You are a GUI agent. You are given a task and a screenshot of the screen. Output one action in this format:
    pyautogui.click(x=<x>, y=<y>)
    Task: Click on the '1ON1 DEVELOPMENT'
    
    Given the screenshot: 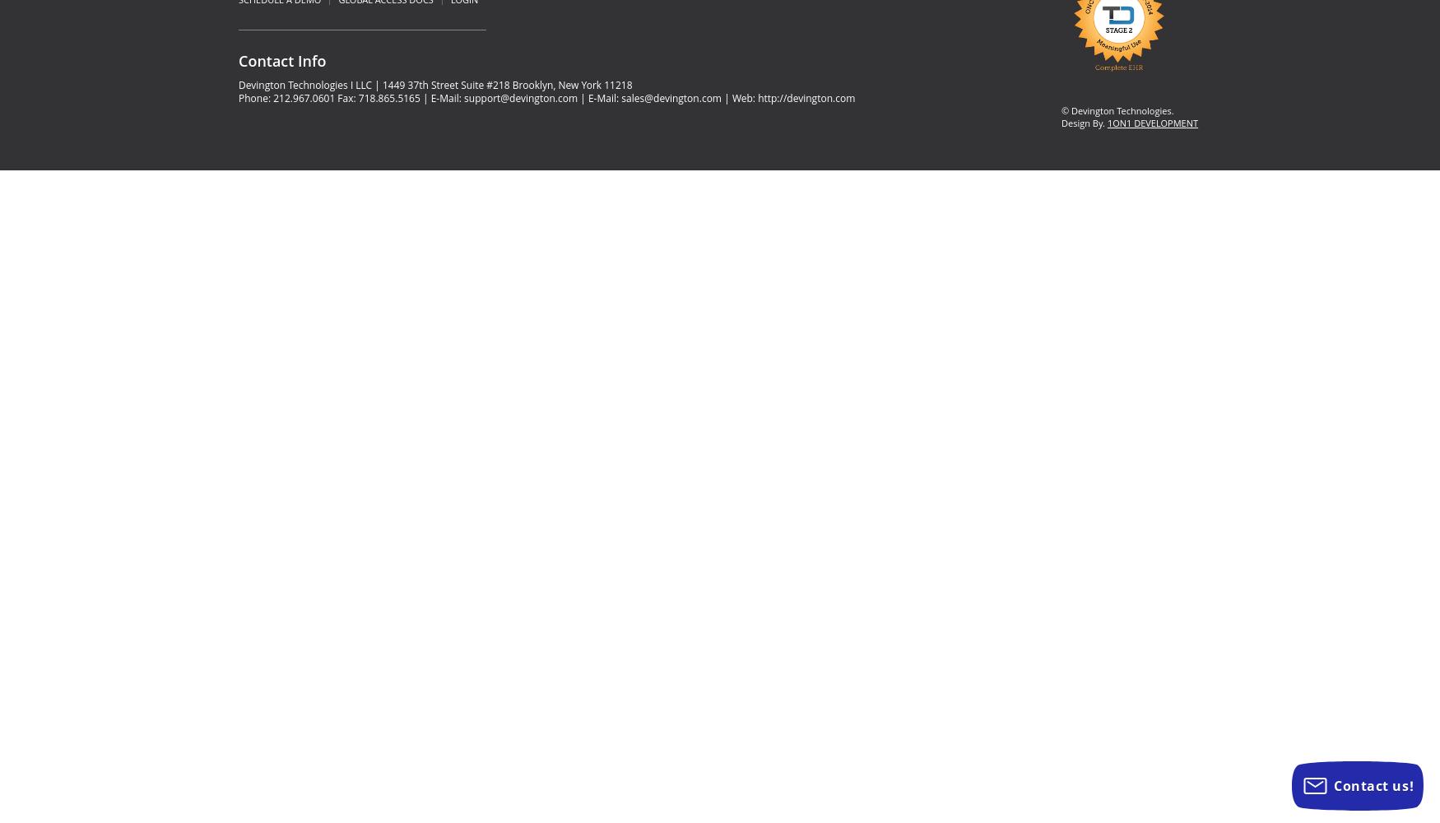 What is the action you would take?
    pyautogui.click(x=1151, y=123)
    